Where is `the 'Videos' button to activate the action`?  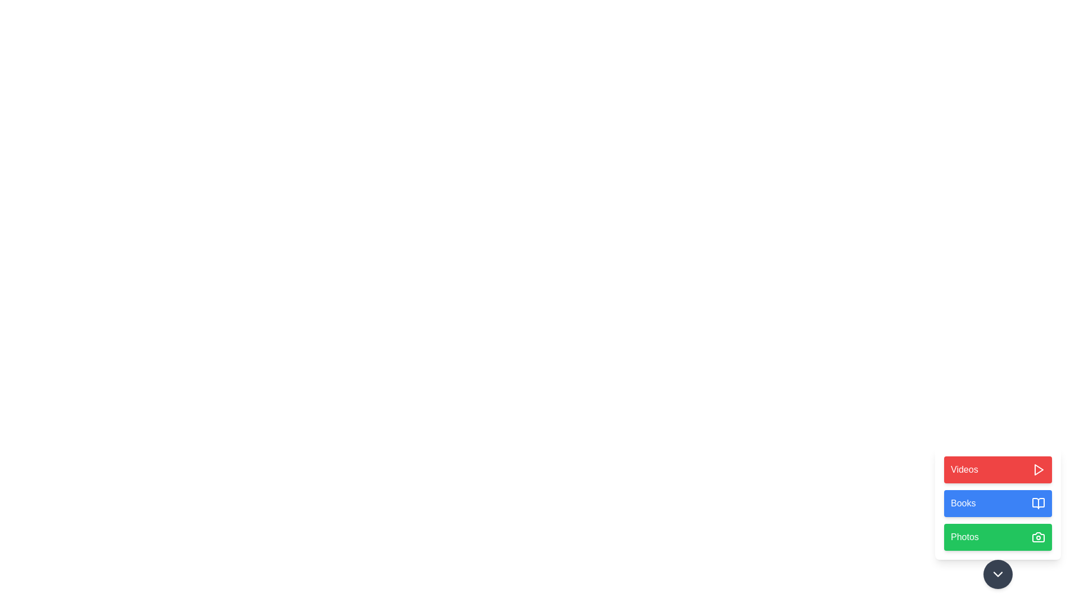 the 'Videos' button to activate the action is located at coordinates (998, 470).